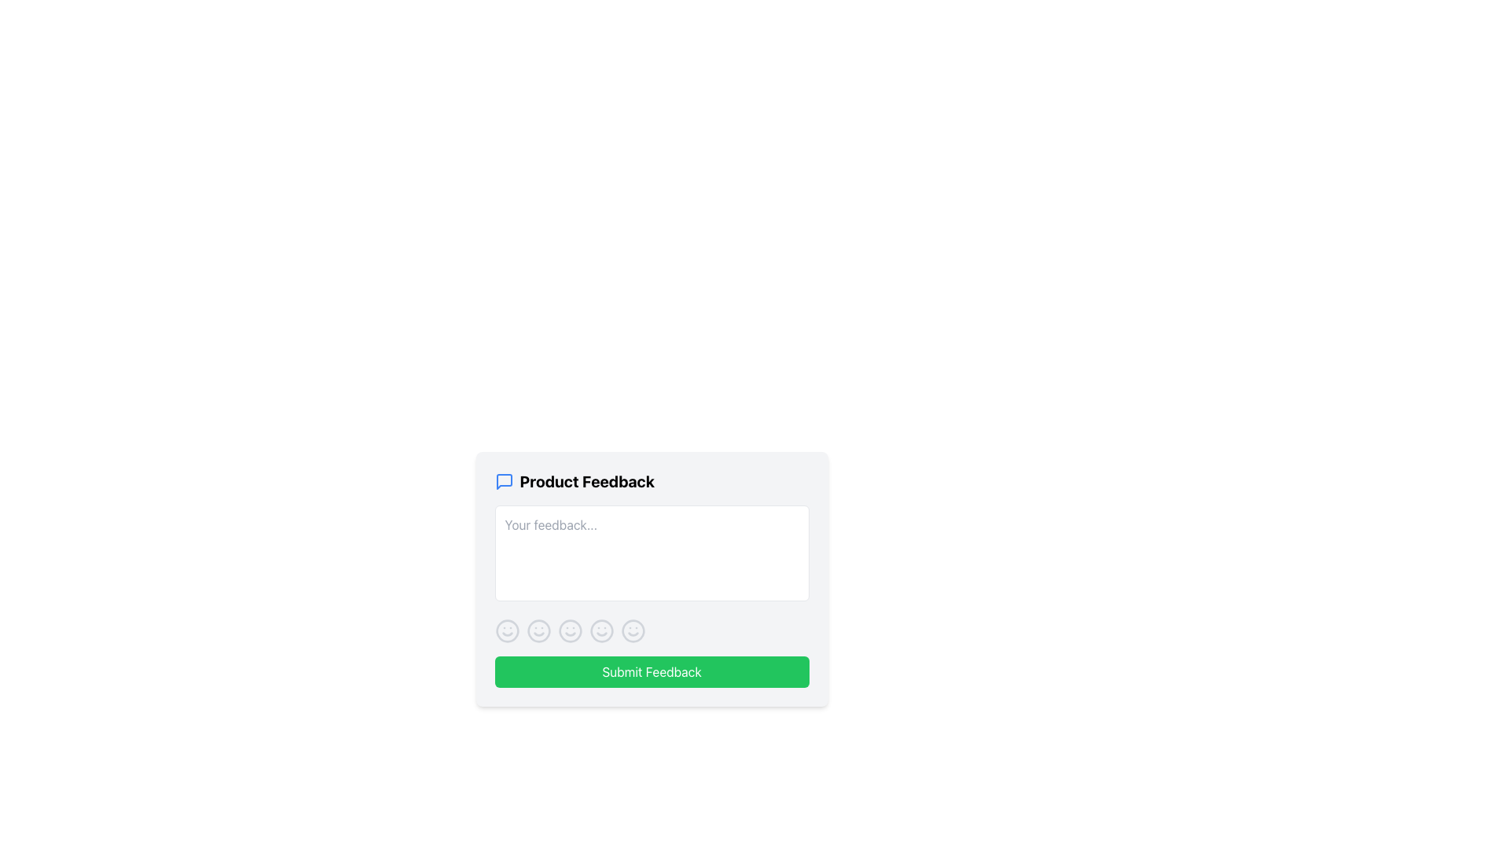 The height and width of the screenshot is (849, 1509). Describe the element at coordinates (538, 630) in the screenshot. I see `the smiley face icon button, which is the second element from the left in a horizontal row of icons located below the 'Product Feedback' text area` at that location.